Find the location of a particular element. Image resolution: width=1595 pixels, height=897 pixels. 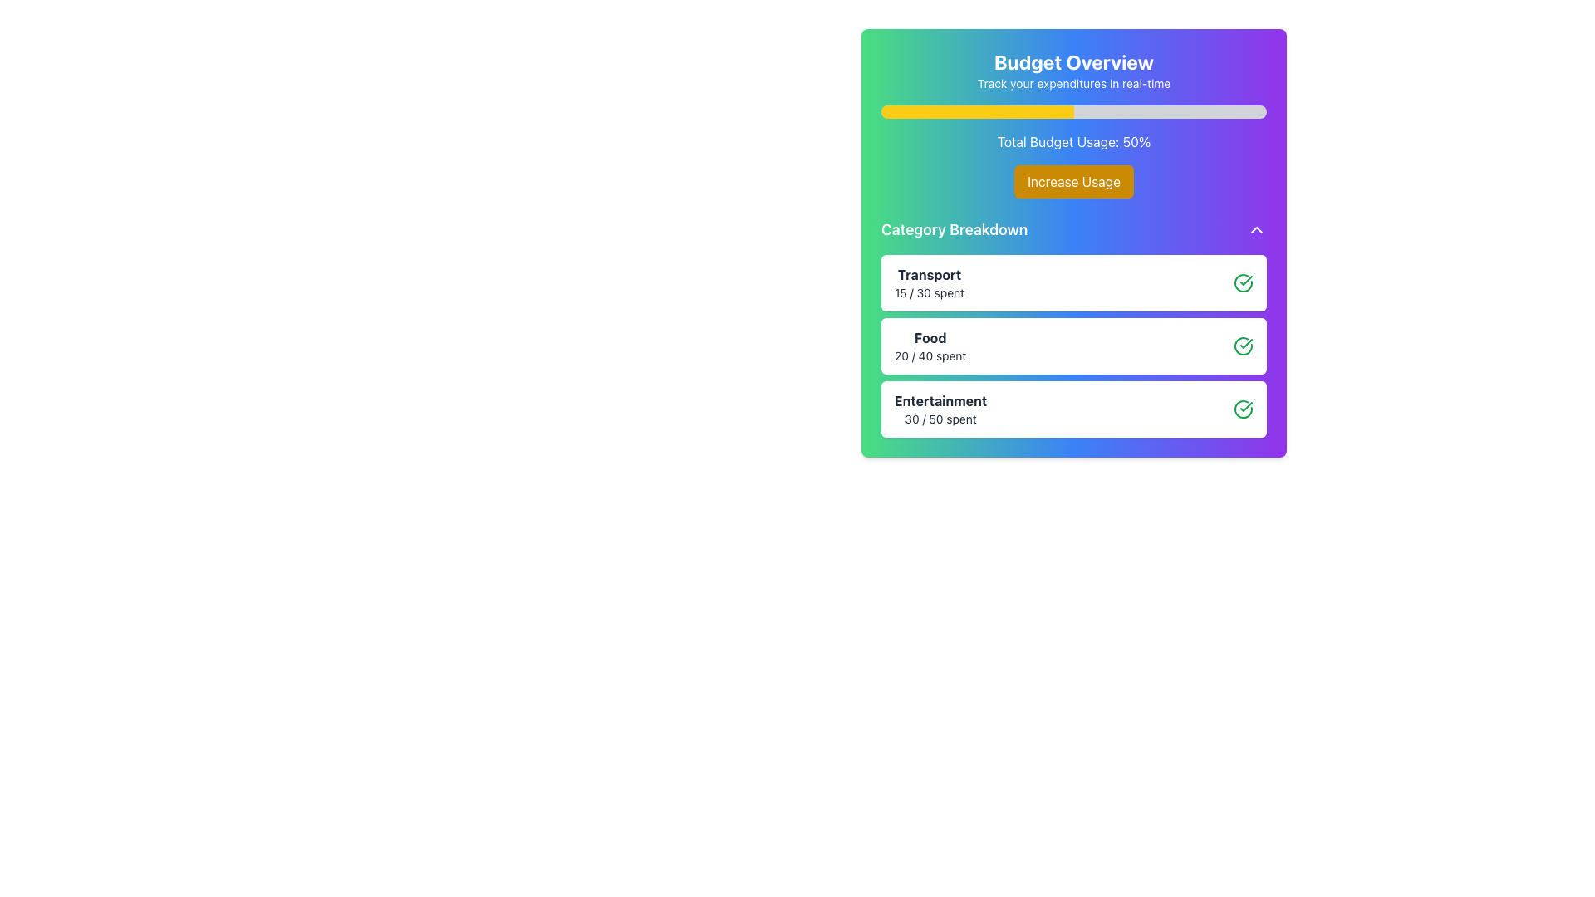

the static text element labeled 'Entertainment' which is bold and positioned above additional details in the 'Category Breakdown' section is located at coordinates (940, 400).